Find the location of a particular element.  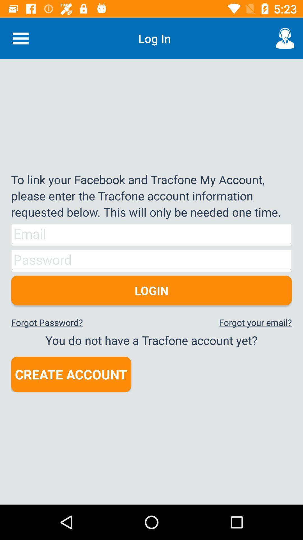

forgot your email? is located at coordinates (255, 322).